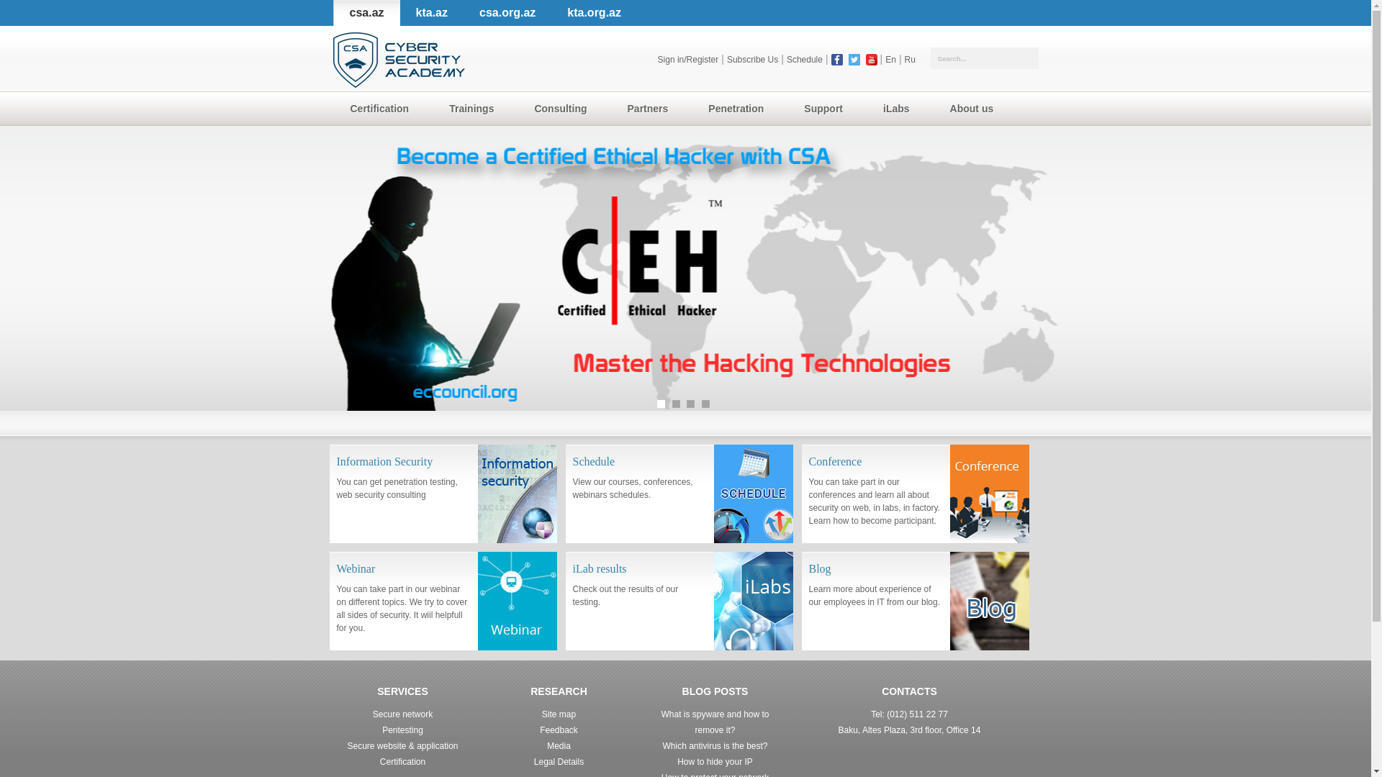  What do you see at coordinates (865, 108) in the screenshot?
I see `'iLabs'` at bounding box center [865, 108].